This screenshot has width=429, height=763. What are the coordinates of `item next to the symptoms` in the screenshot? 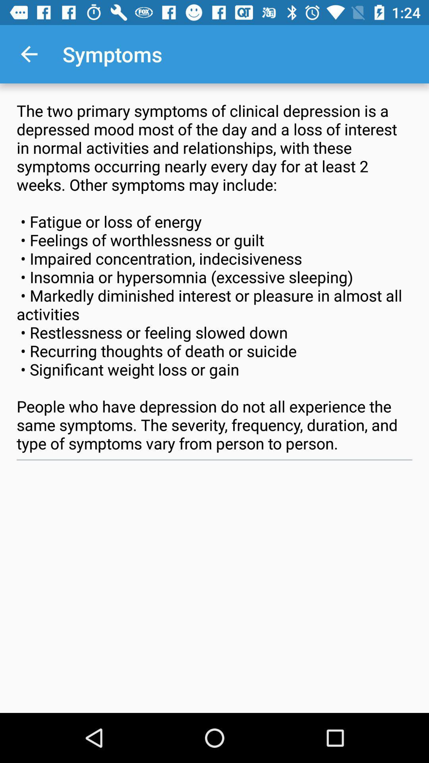 It's located at (29, 54).